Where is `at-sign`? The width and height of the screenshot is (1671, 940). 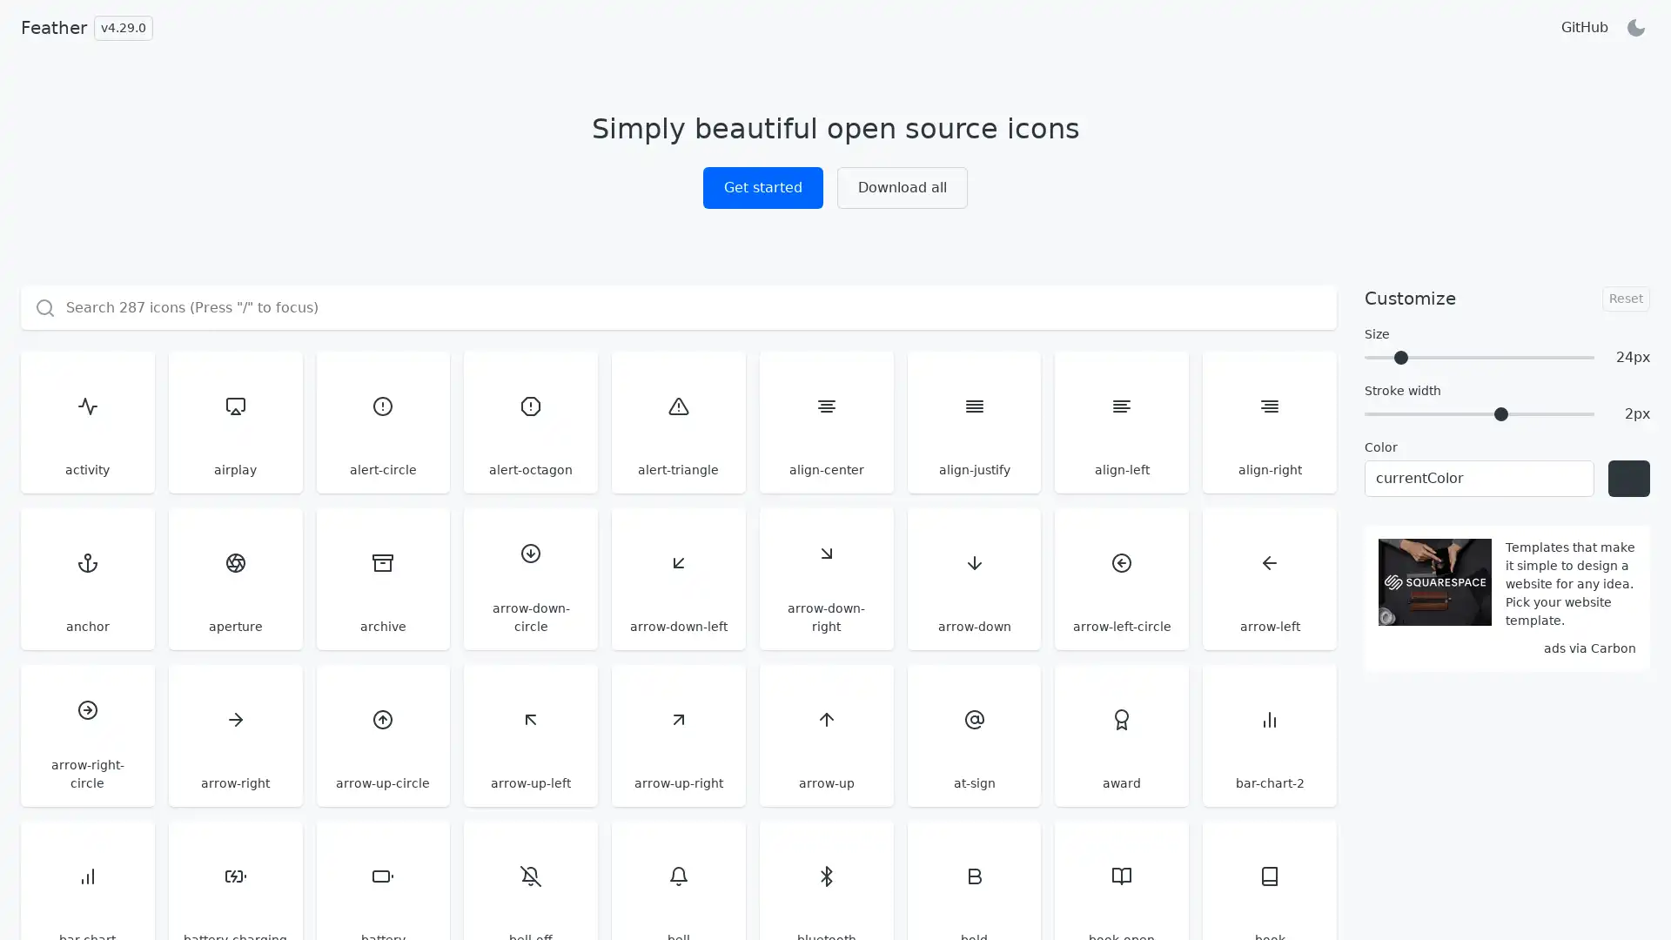 at-sign is located at coordinates (972, 735).